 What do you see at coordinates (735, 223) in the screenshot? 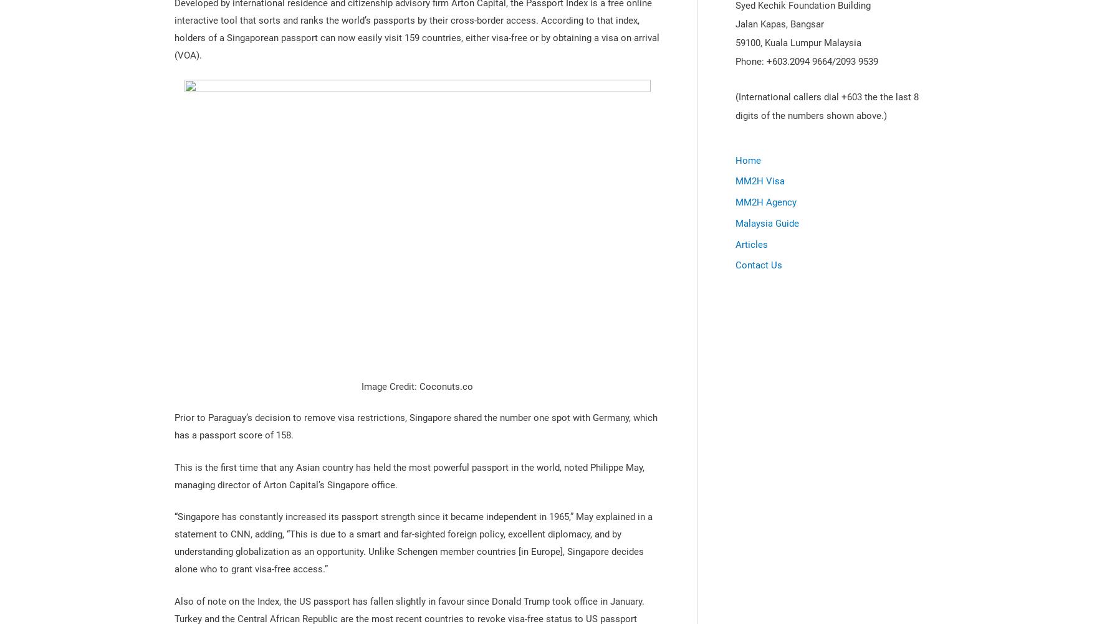
I see `'Malaysia Guide'` at bounding box center [735, 223].